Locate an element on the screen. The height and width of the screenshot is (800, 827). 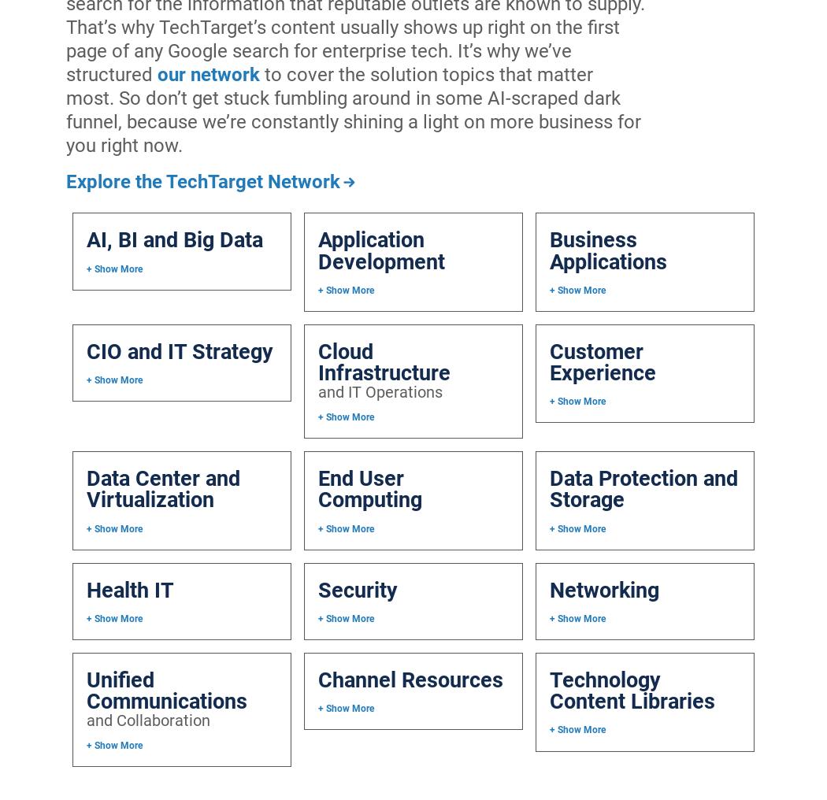
'our network' is located at coordinates (157, 73).